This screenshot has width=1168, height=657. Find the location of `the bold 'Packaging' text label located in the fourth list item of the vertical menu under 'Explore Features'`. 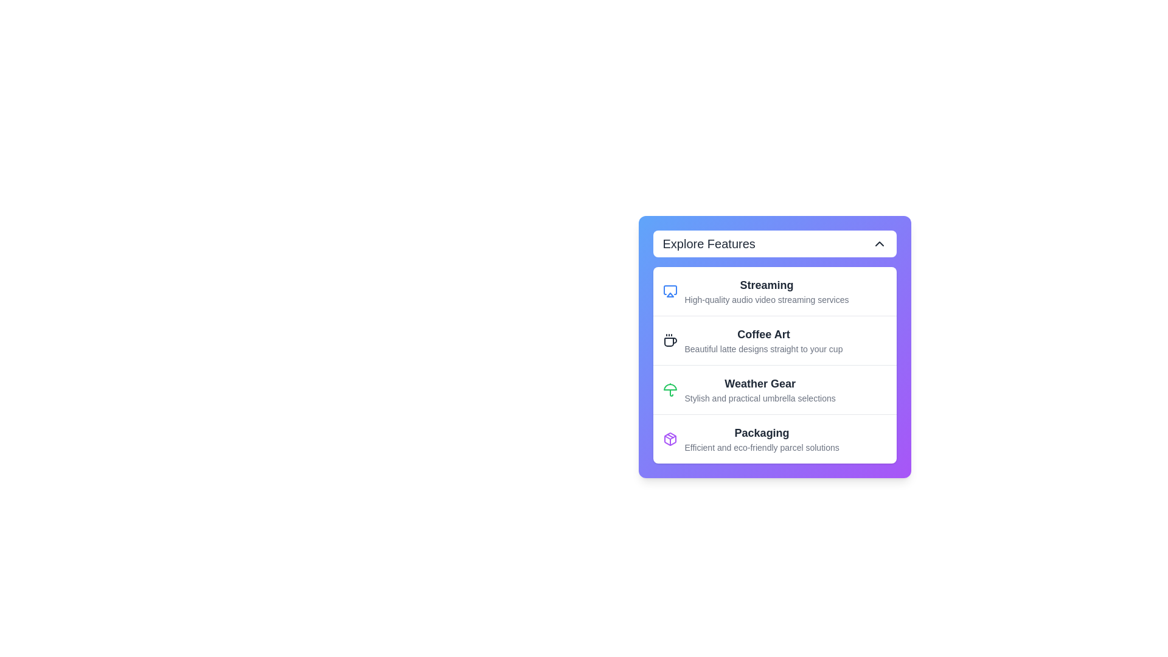

the bold 'Packaging' text label located in the fourth list item of the vertical menu under 'Explore Features' is located at coordinates (761, 433).